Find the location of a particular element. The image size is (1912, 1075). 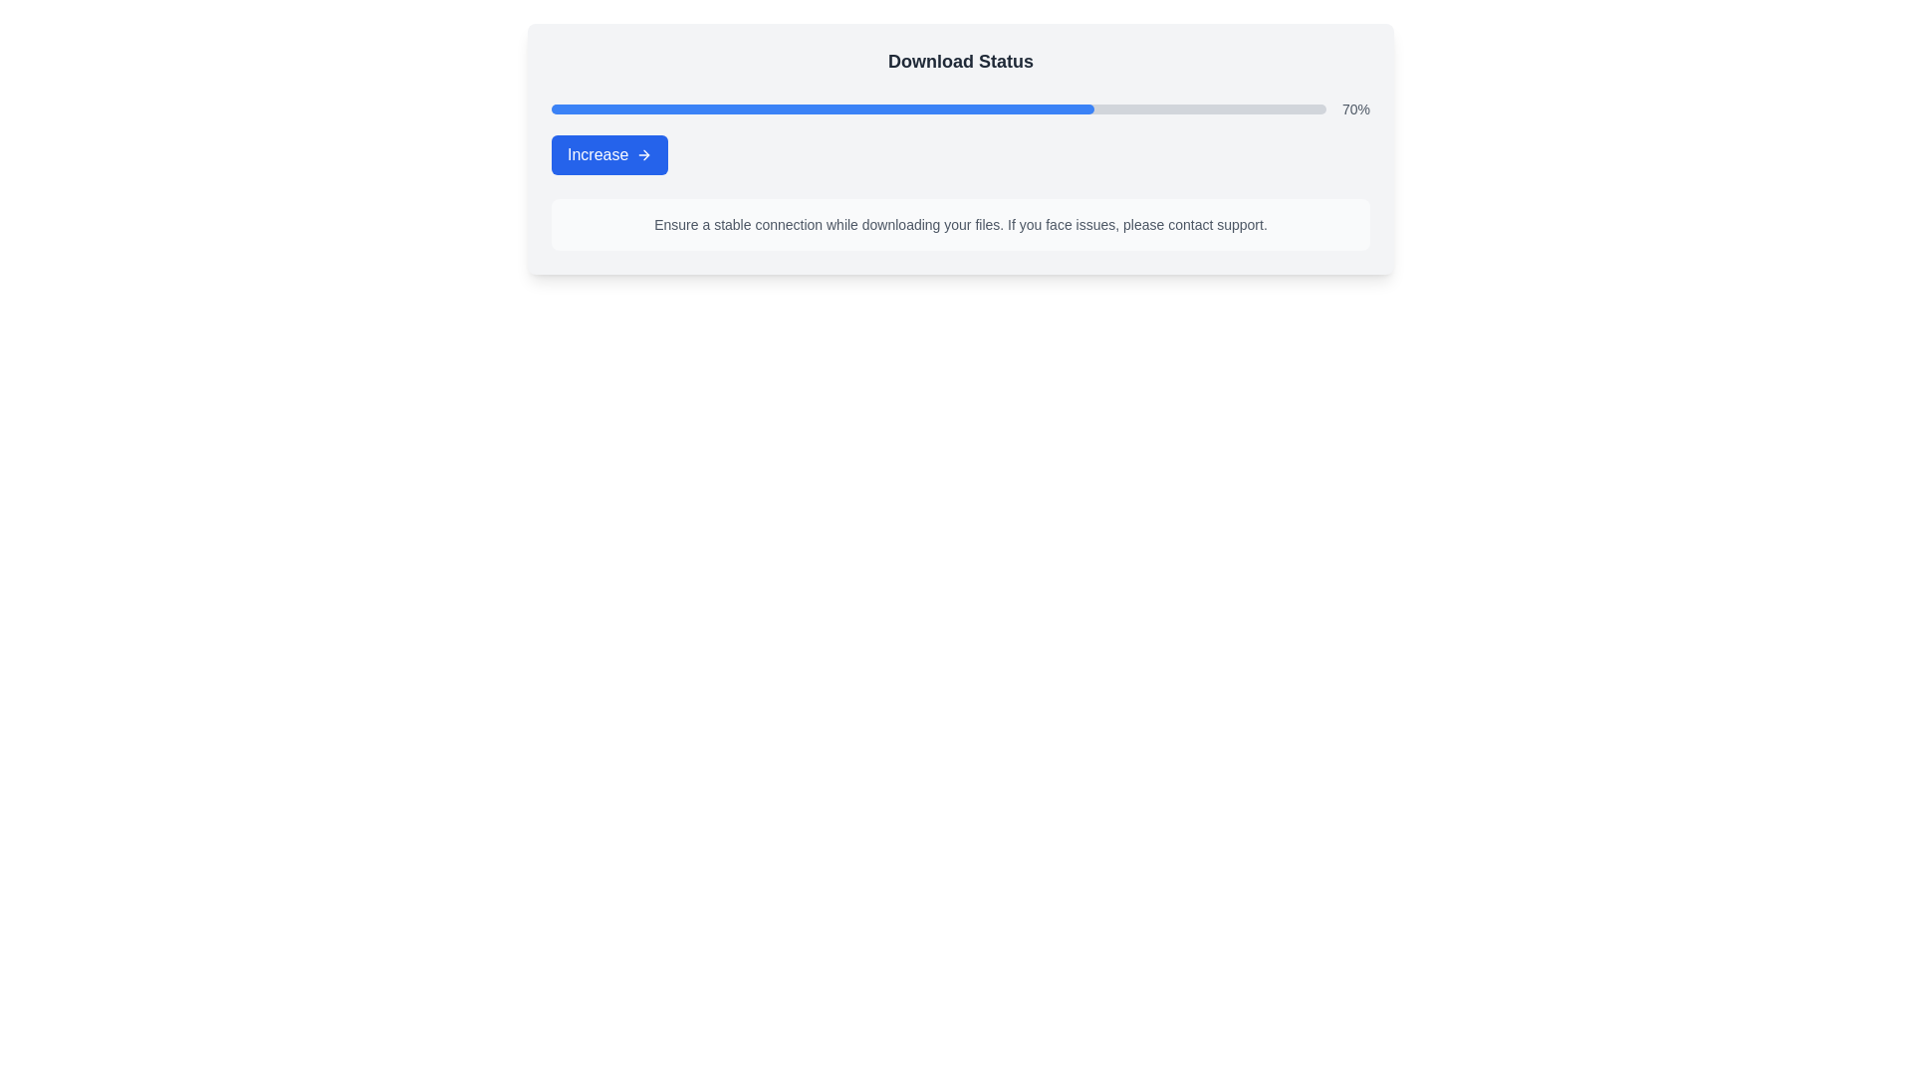

the static text block that contains the phrase 'Ensure a stable connection while downloading your files. If you face issues, please contact support.' is located at coordinates (960, 224).